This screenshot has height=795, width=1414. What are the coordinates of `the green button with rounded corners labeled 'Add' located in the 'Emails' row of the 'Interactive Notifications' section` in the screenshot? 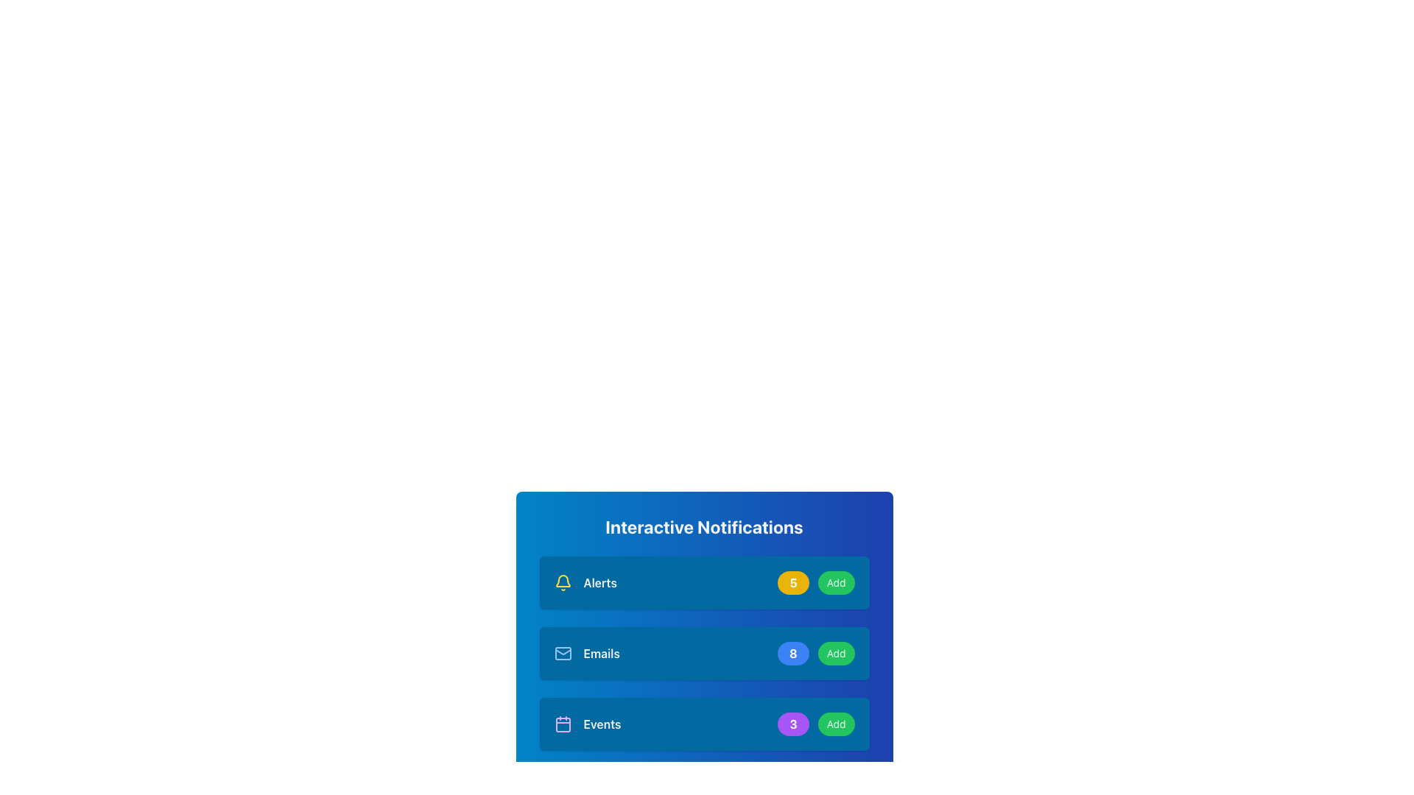 It's located at (835, 652).